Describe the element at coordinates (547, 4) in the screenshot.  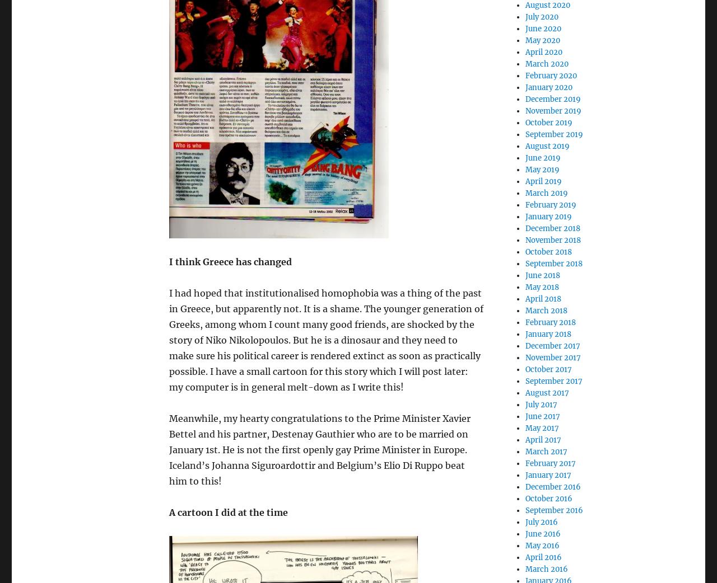
I see `'August 2020'` at that location.